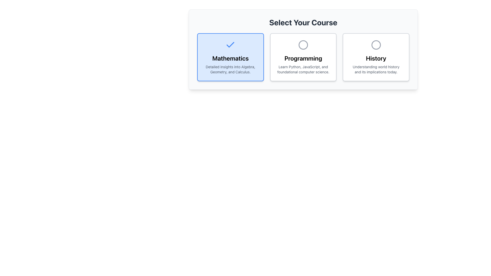  Describe the element at coordinates (303, 45) in the screenshot. I see `the circular outline icon representing the 'Programming' card, located in the center-top area of the card` at that location.